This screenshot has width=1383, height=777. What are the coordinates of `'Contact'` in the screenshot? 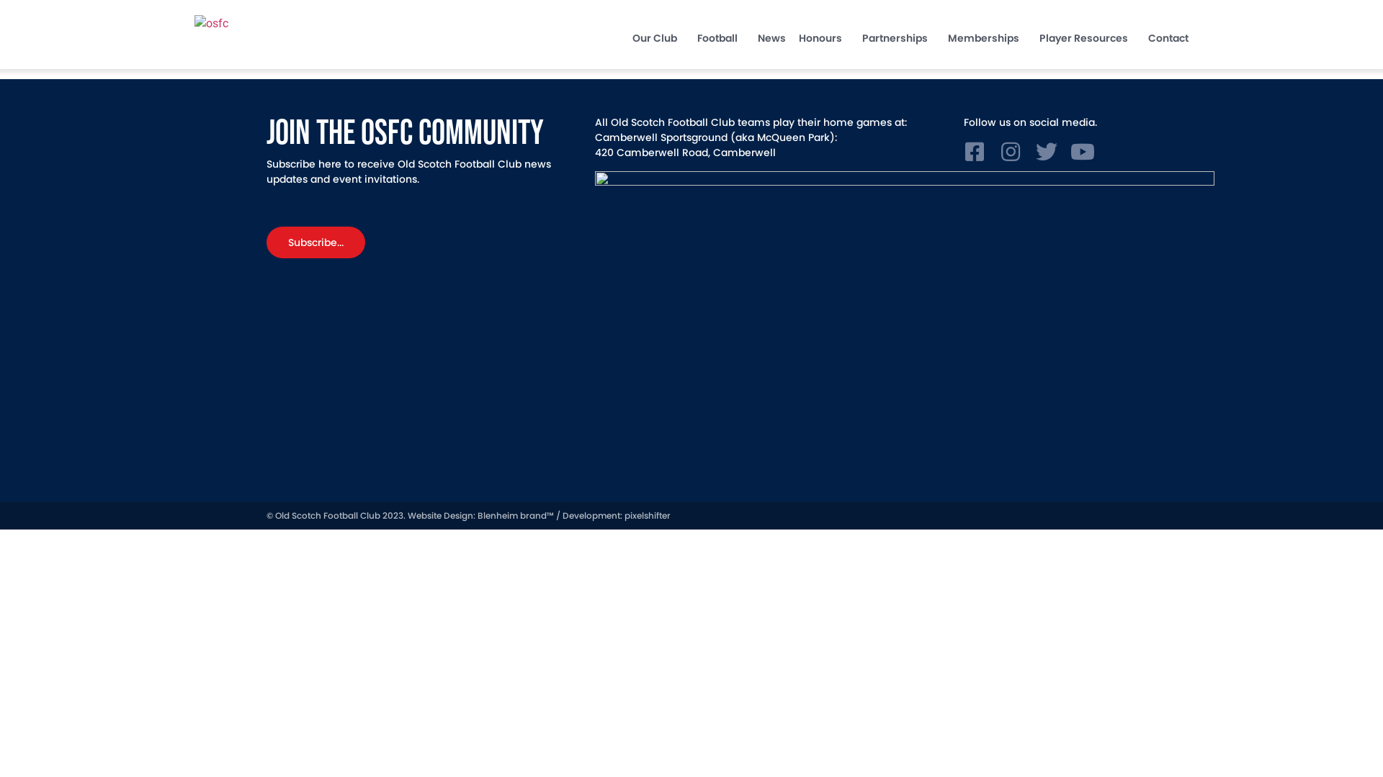 It's located at (1168, 37).